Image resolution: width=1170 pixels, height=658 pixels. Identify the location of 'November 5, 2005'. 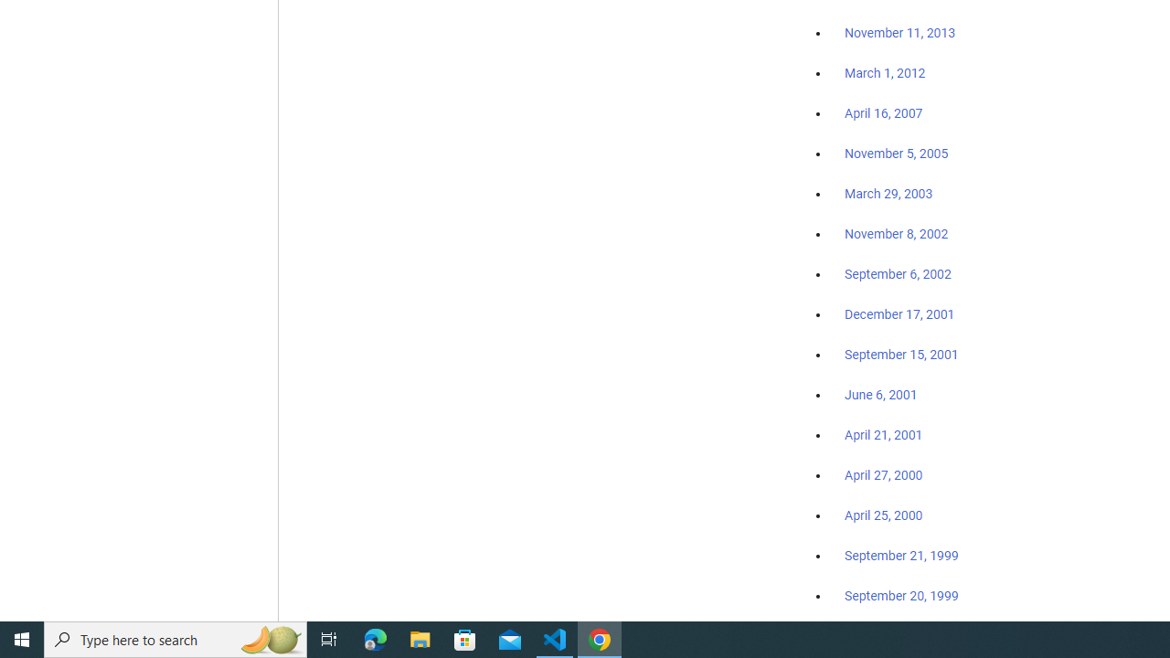
(897, 153).